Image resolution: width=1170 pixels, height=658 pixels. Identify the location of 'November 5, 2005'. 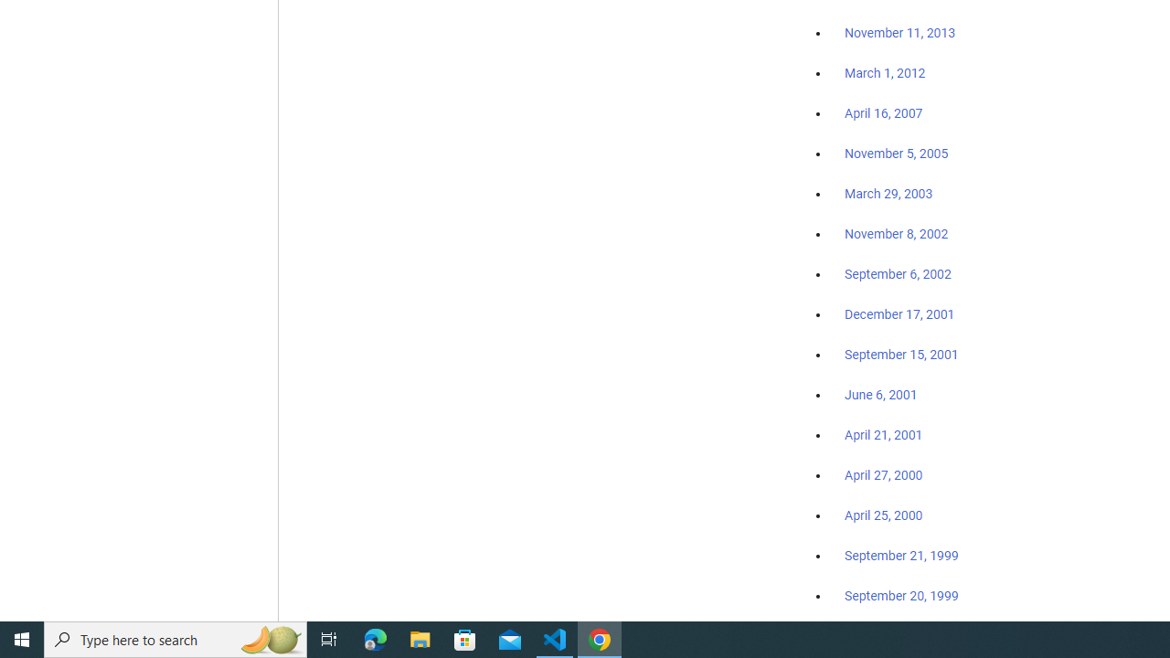
(897, 153).